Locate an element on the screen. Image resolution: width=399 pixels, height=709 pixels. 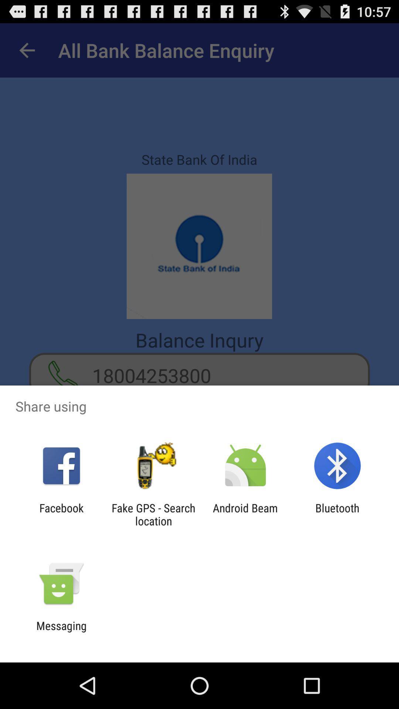
facebook icon is located at coordinates (61, 514).